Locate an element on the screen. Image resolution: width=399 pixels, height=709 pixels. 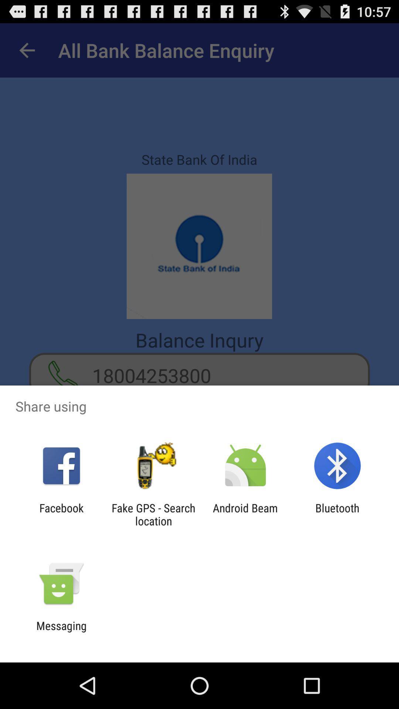
facebook icon is located at coordinates (61, 514).